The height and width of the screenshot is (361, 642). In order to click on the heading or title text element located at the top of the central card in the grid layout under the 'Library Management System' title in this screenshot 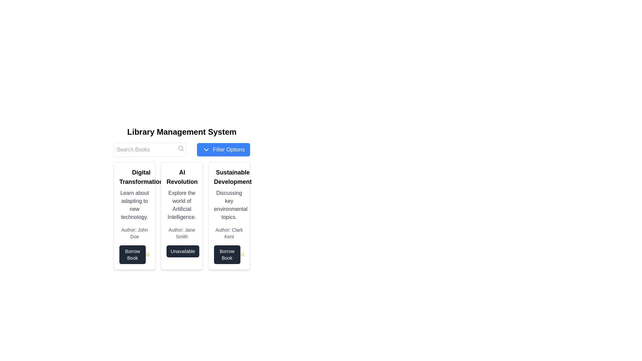, I will do `click(182, 176)`.